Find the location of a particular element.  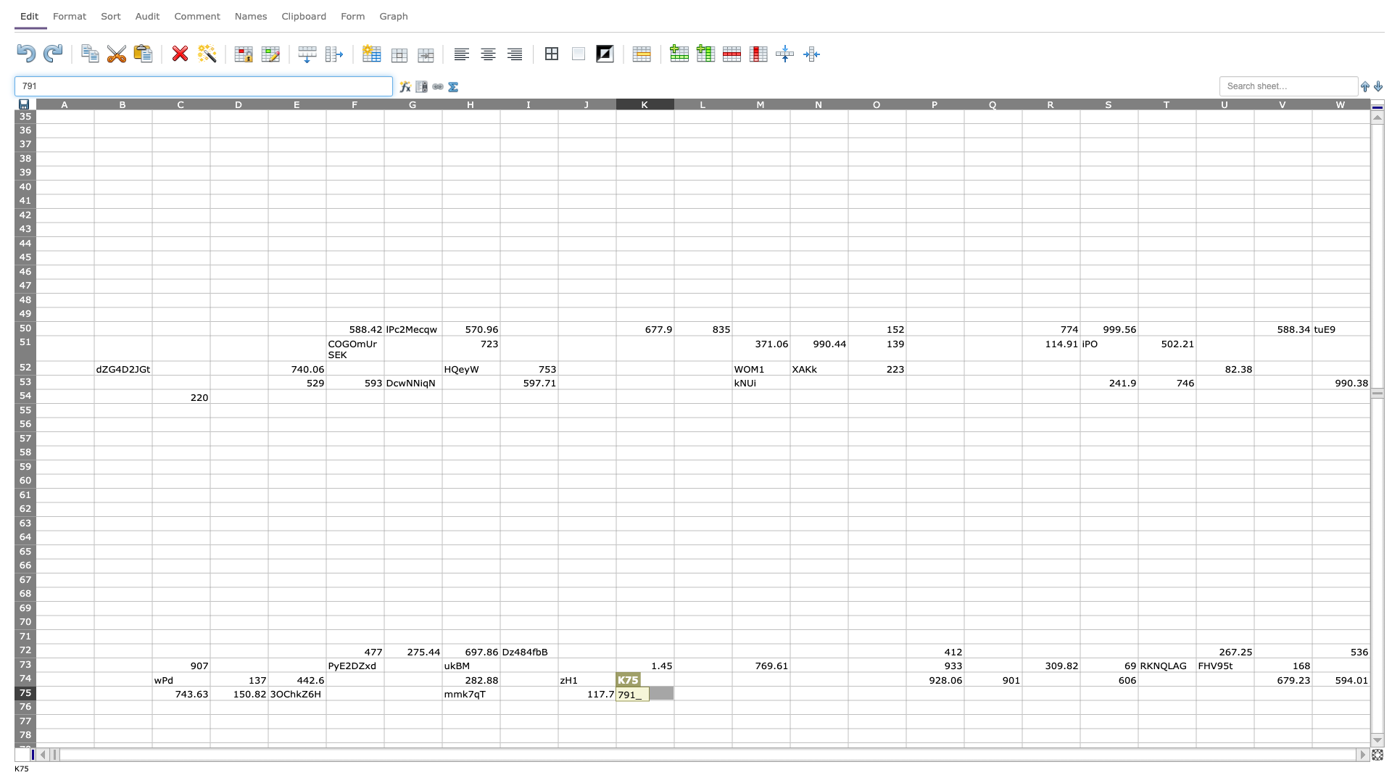

top left corner of L75 is located at coordinates (674, 685).